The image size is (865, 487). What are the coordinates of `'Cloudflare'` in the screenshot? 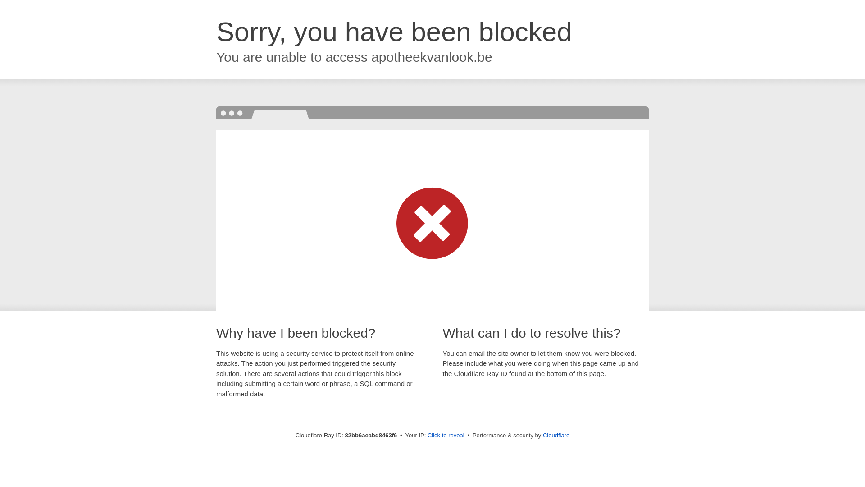 It's located at (555, 435).